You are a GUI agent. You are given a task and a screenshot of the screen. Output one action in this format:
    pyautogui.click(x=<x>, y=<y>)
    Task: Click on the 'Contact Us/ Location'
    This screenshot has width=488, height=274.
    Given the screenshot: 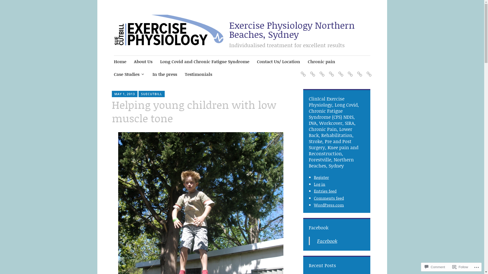 What is the action you would take?
    pyautogui.click(x=278, y=61)
    